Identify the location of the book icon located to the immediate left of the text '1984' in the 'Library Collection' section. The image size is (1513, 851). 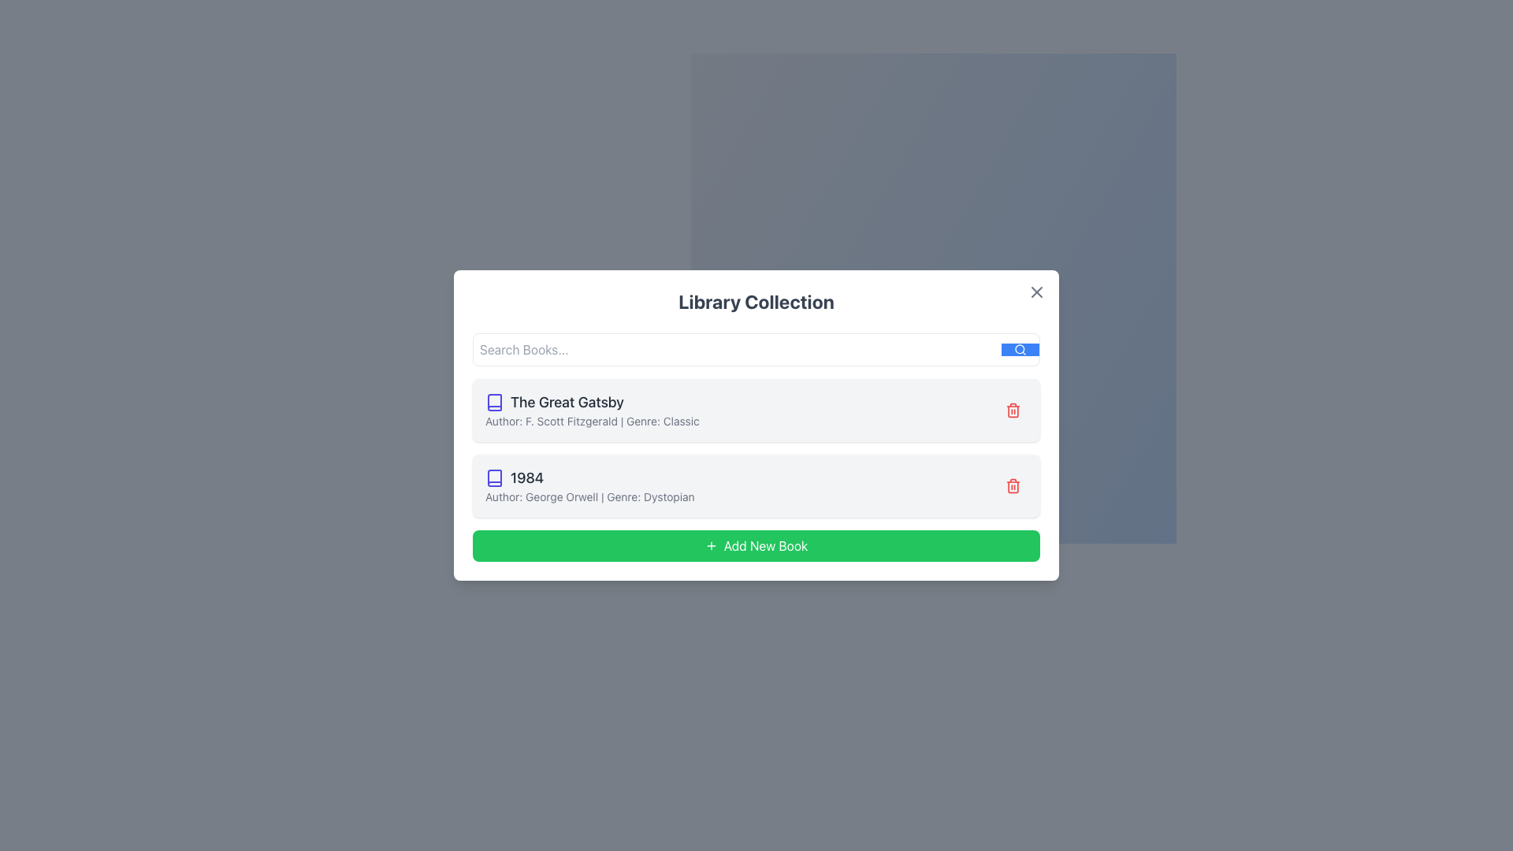
(494, 477).